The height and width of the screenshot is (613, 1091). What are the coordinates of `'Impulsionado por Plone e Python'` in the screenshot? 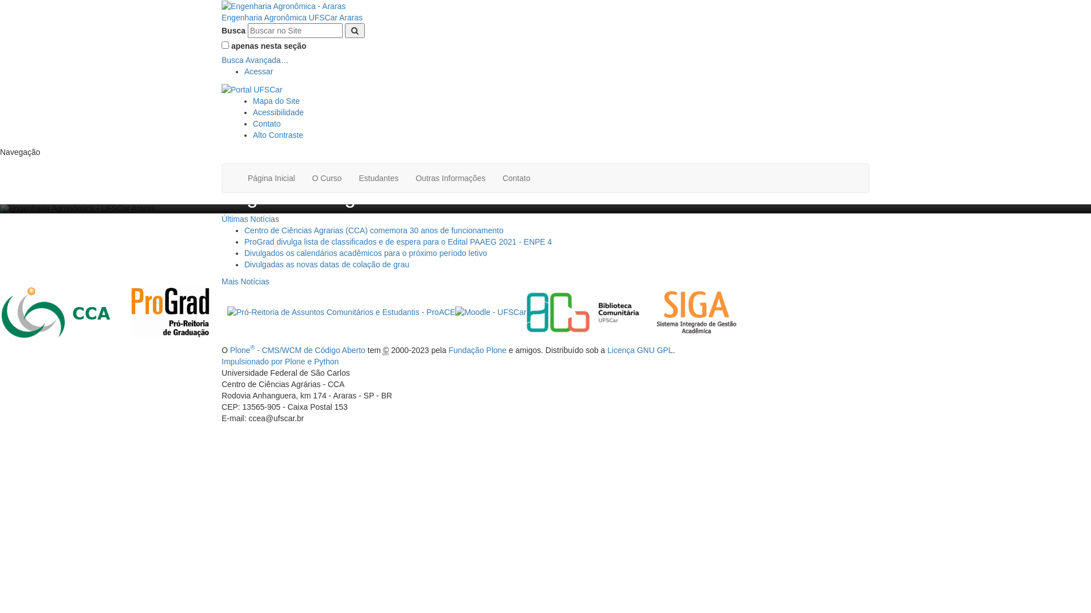 It's located at (280, 361).